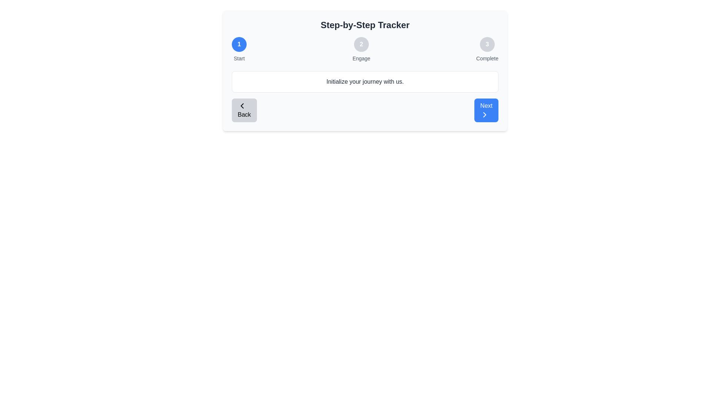 The height and width of the screenshot is (400, 711). Describe the element at coordinates (485, 114) in the screenshot. I see `the small, right-pointing chevron icon located within the 'Next' button, positioned near the right edge and smaller than the surrounding text label` at that location.